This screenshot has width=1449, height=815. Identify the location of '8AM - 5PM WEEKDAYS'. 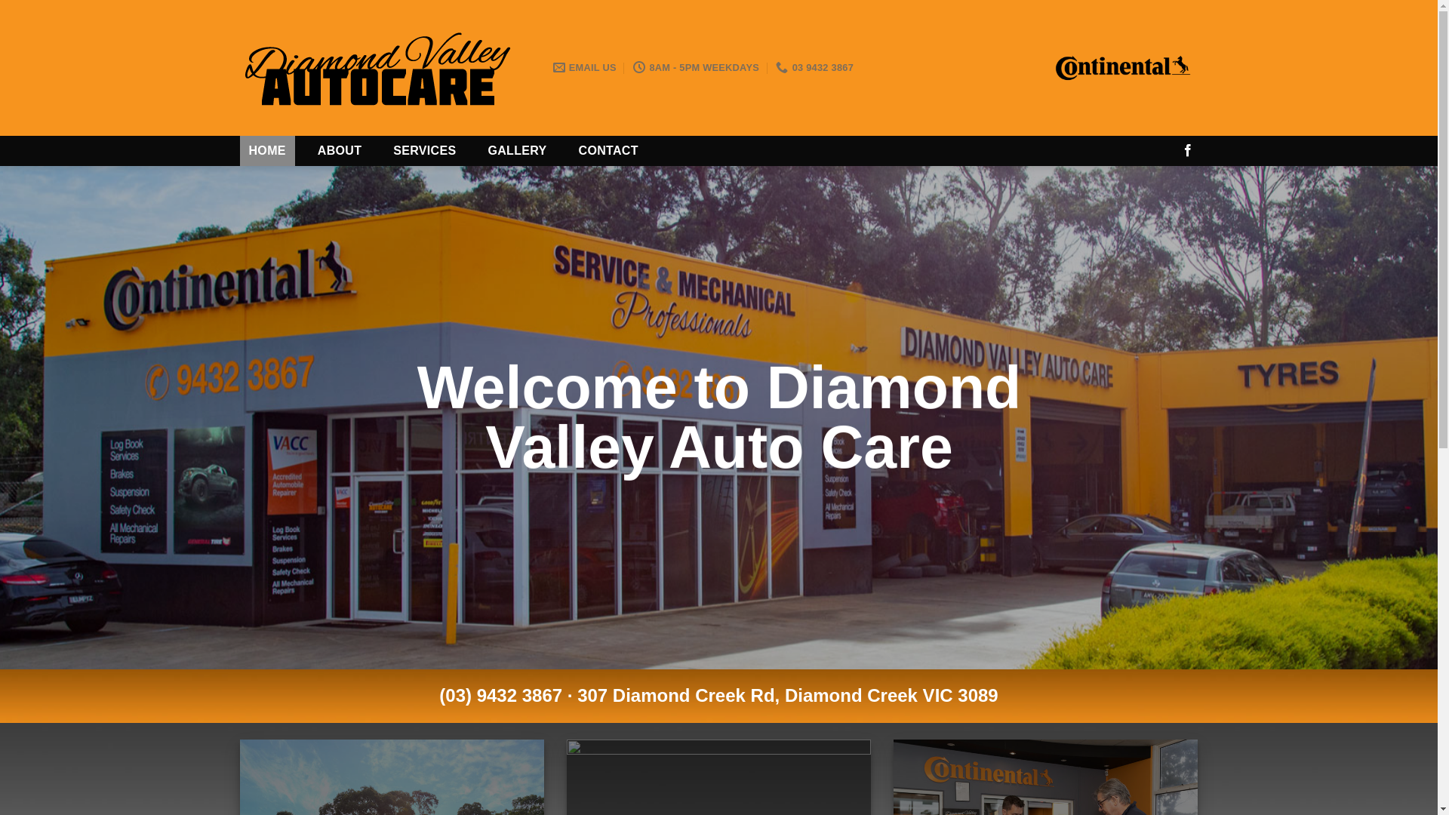
(695, 66).